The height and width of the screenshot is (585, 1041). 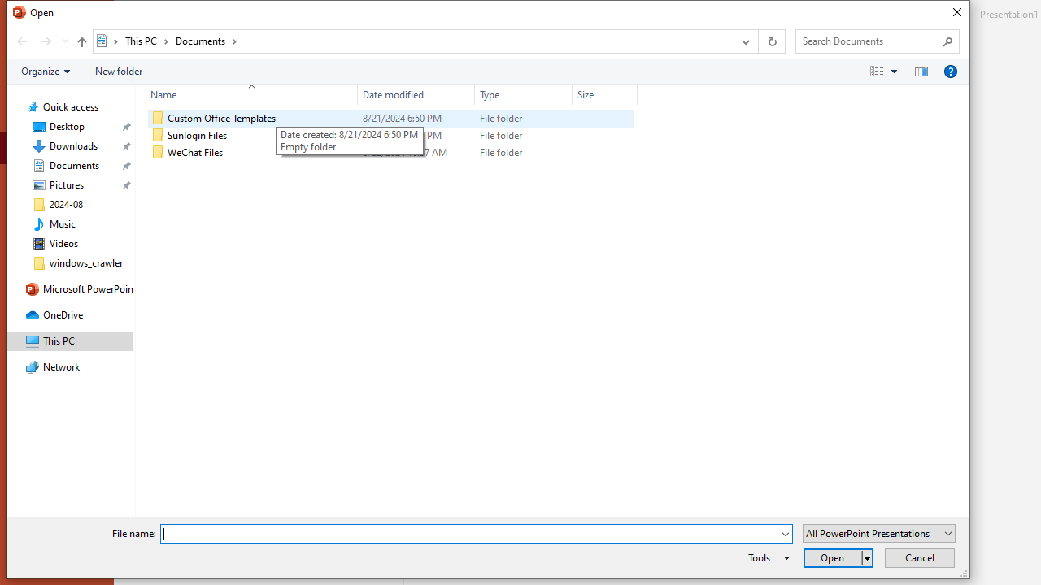 I want to click on 'Recent locations', so click(x=64, y=41).